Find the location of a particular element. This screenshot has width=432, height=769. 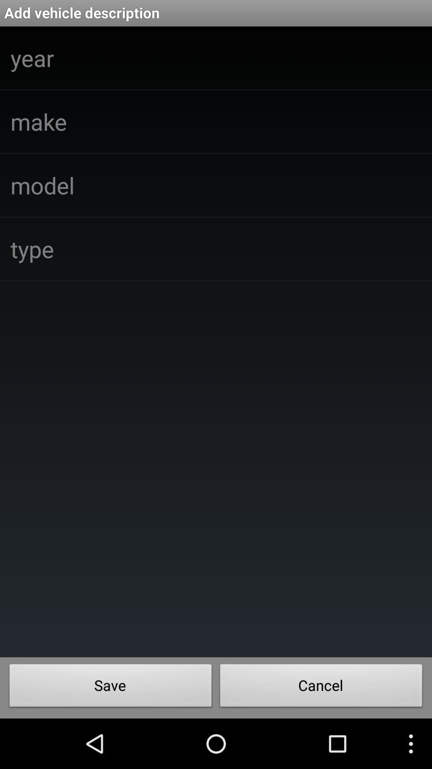

icon next to save is located at coordinates (321, 687).